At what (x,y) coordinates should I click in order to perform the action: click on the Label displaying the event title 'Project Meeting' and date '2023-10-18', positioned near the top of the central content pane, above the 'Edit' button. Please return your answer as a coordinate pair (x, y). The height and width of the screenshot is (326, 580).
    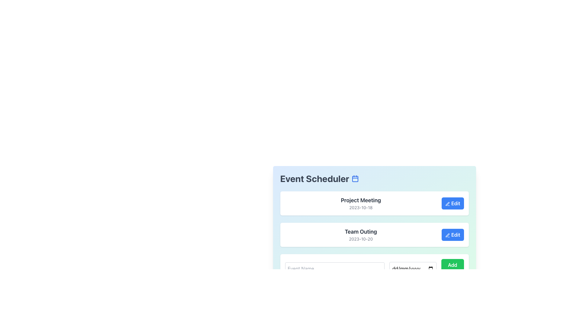
    Looking at the image, I should click on (361, 203).